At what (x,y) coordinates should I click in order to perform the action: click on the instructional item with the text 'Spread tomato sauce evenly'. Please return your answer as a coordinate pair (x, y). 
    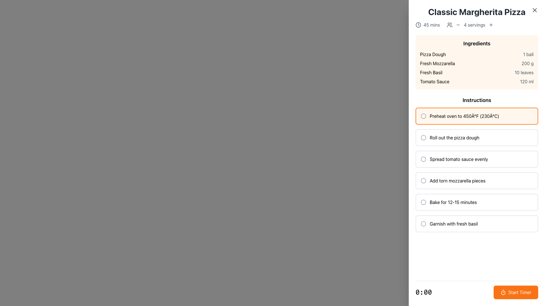
    Looking at the image, I should click on (477, 159).